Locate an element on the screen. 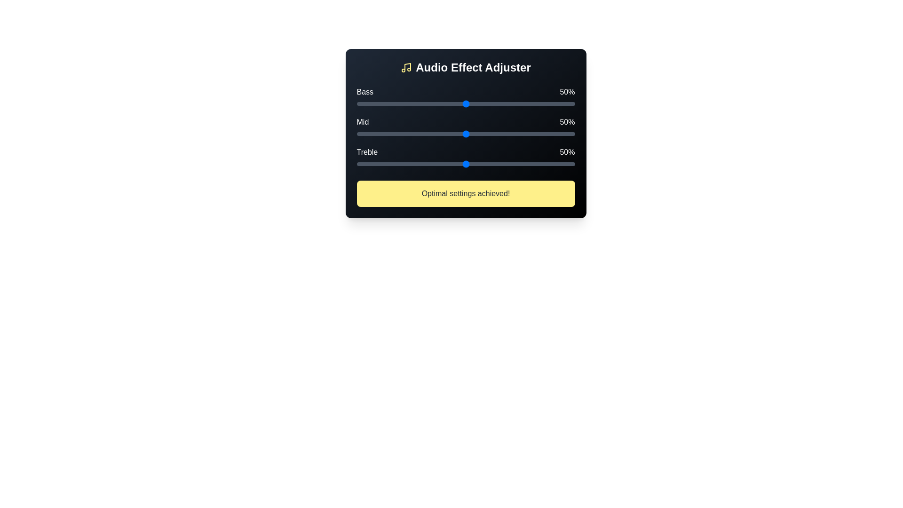  the Bass slider to 32% by clicking on the slider track is located at coordinates (426, 103).